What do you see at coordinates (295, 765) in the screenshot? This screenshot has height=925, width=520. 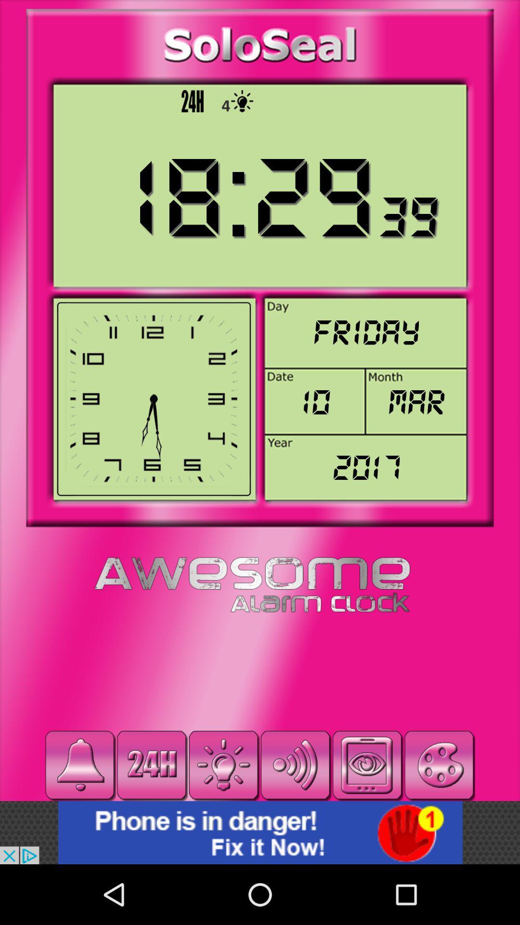 I see `volume button` at bounding box center [295, 765].